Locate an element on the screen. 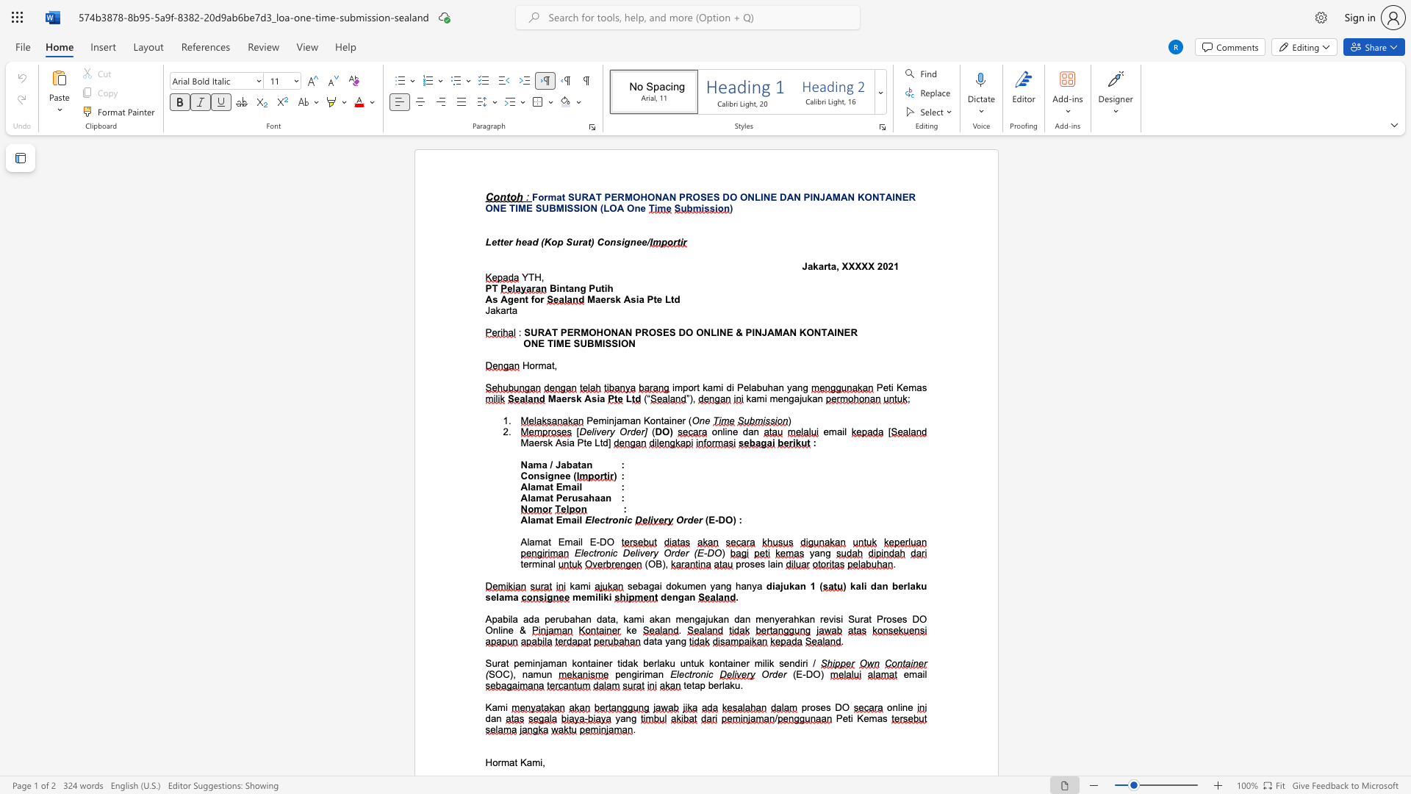  the subset text "ngaj" within the text "mengajukan" is located at coordinates (782, 398).